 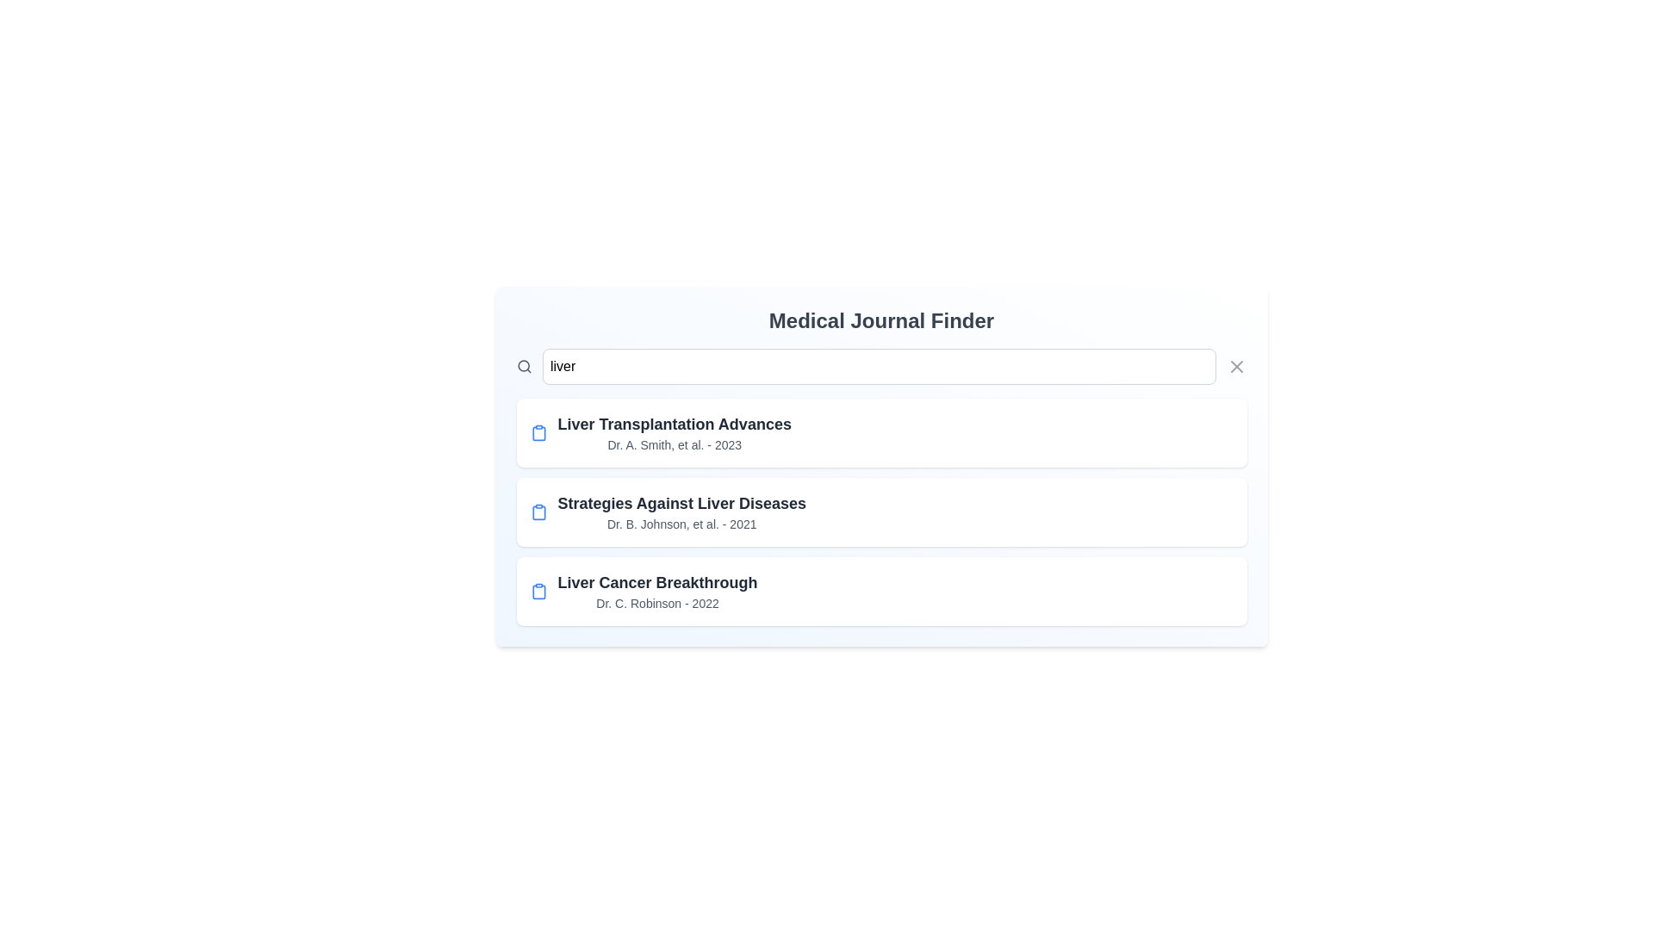 I want to click on the journal details page by clicking on the text block that provides information about the journal entry, which is the second entry in the list on the 'Medical Journal Finder', so click(x=681, y=511).